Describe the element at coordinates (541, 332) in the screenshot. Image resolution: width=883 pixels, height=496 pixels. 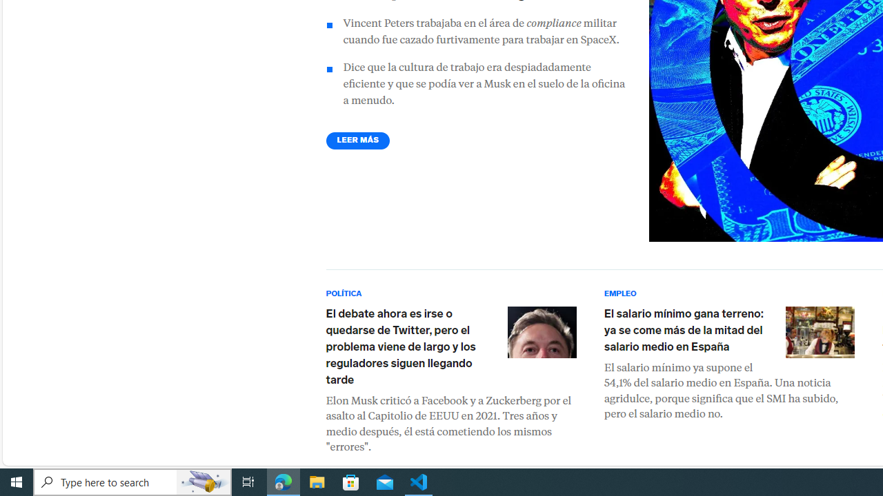
I see `'Elon Musk'` at that location.